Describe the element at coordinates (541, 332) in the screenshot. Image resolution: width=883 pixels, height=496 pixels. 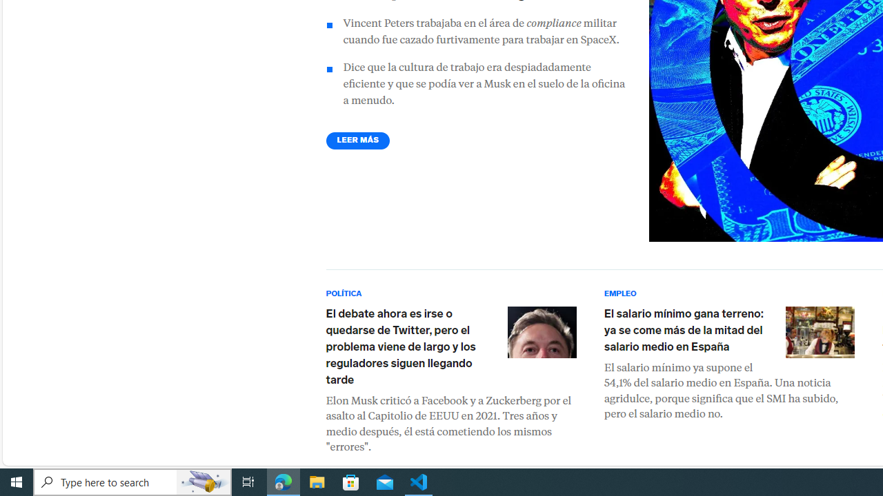
I see `'Elon Musk'` at that location.